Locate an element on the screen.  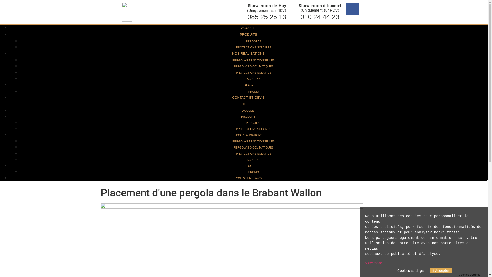
'PROMO' is located at coordinates (253, 172).